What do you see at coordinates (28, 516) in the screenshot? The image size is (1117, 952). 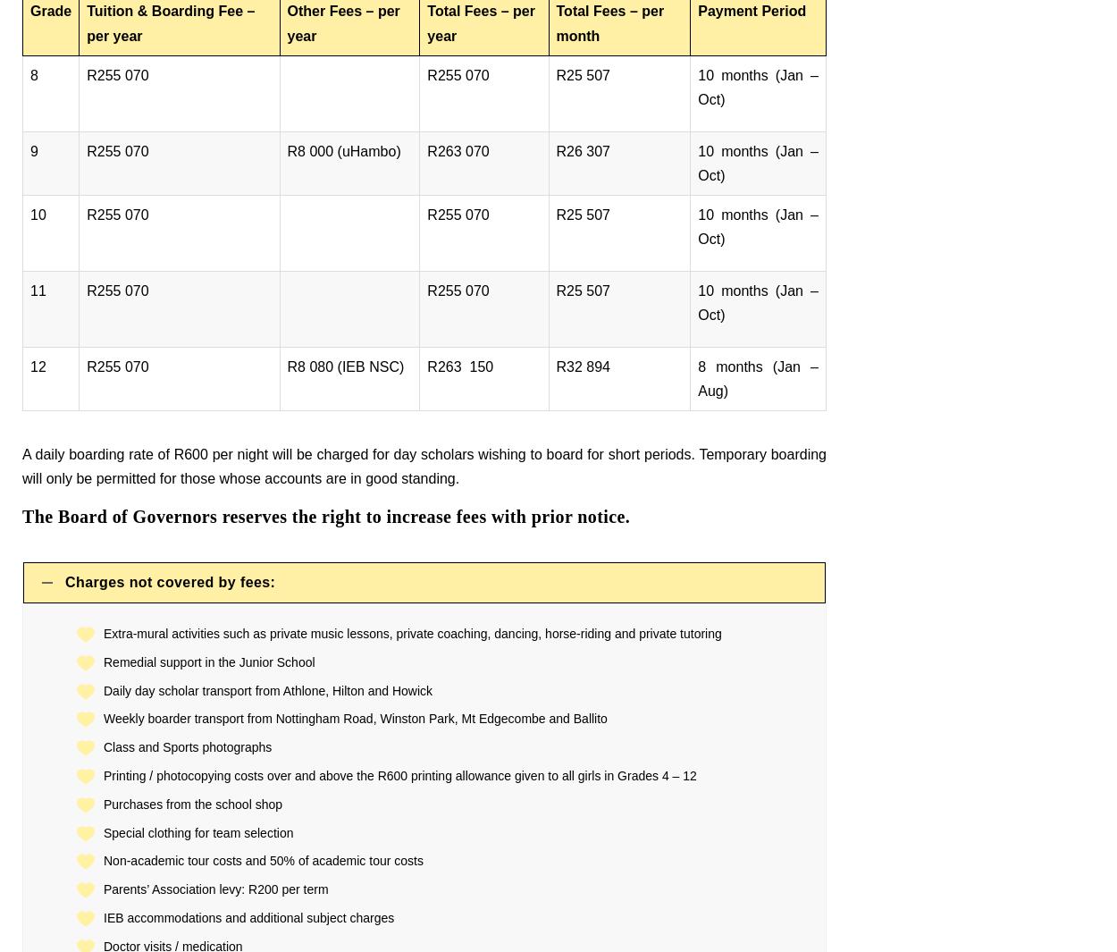 I see `'T'` at bounding box center [28, 516].